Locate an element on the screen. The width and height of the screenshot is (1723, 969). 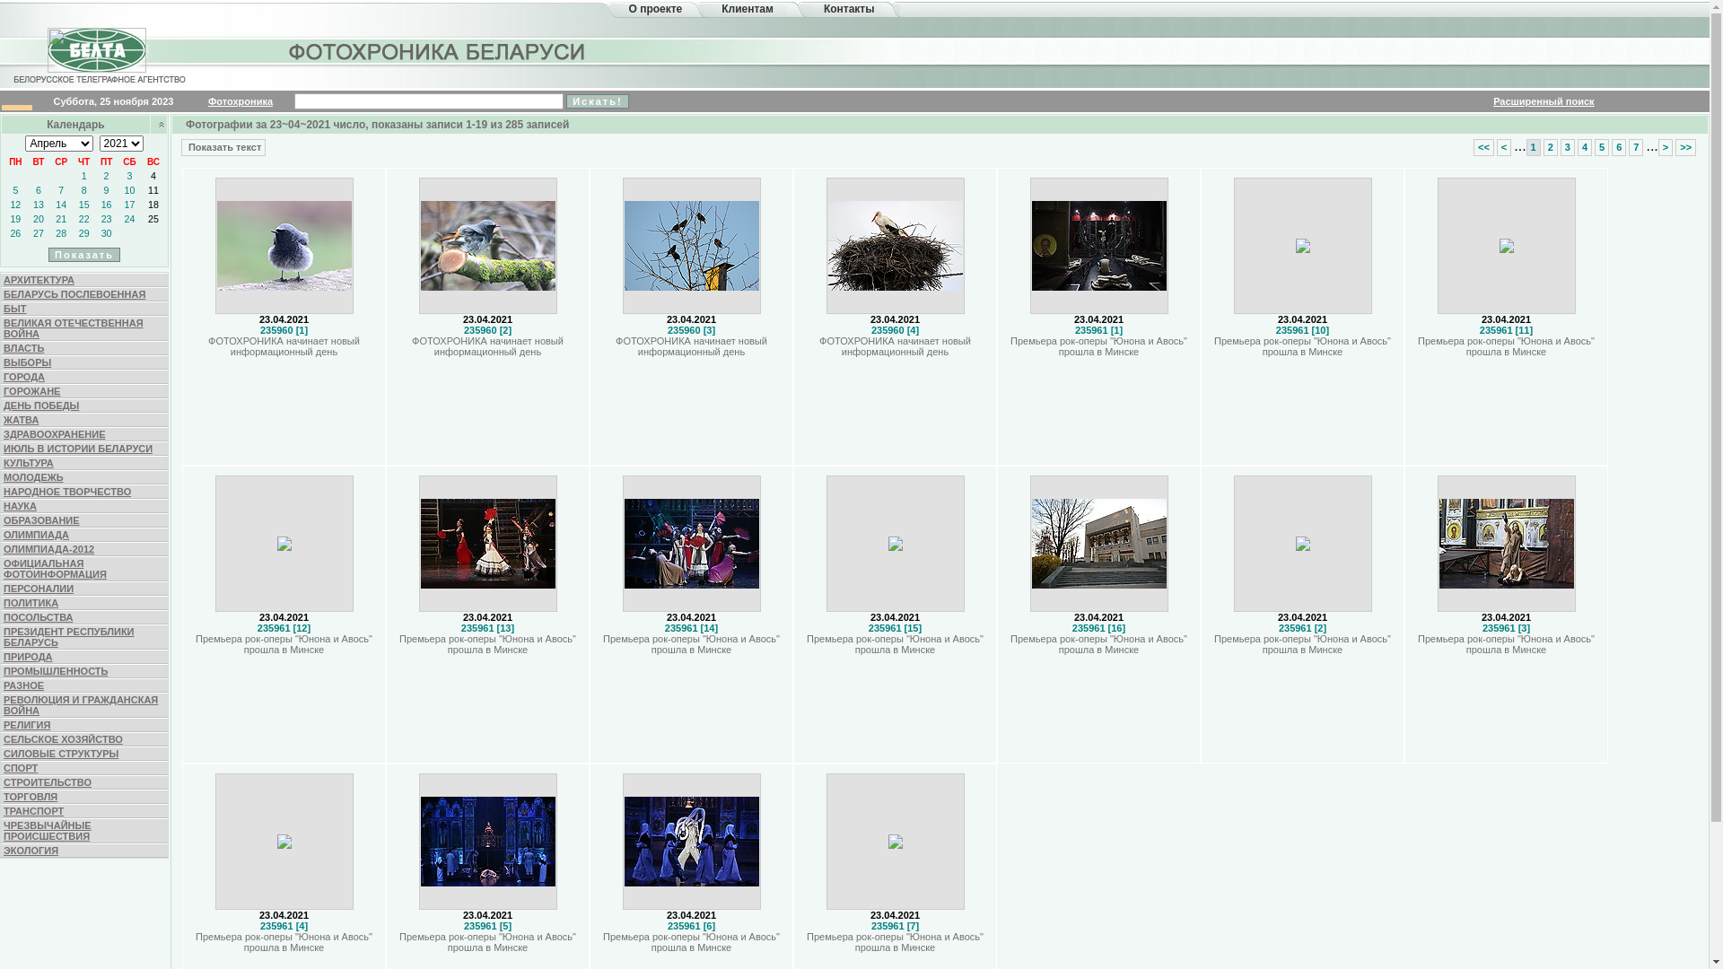
'7' is located at coordinates (58, 190).